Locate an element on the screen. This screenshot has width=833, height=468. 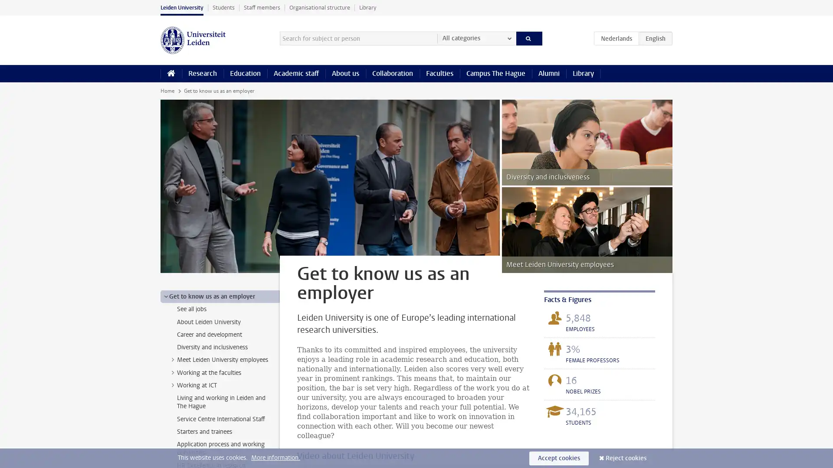
Accept cookies is located at coordinates (559, 458).